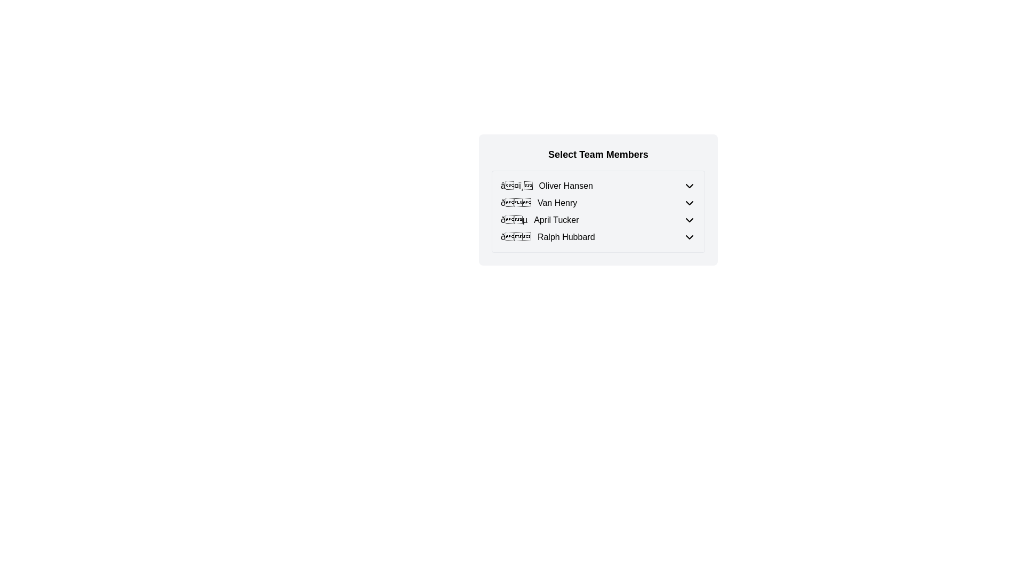 Image resolution: width=1024 pixels, height=576 pixels. What do you see at coordinates (556, 219) in the screenshot?
I see `text content of the label 'April Tucker' which is located in the third row of a vertical list of team members` at bounding box center [556, 219].